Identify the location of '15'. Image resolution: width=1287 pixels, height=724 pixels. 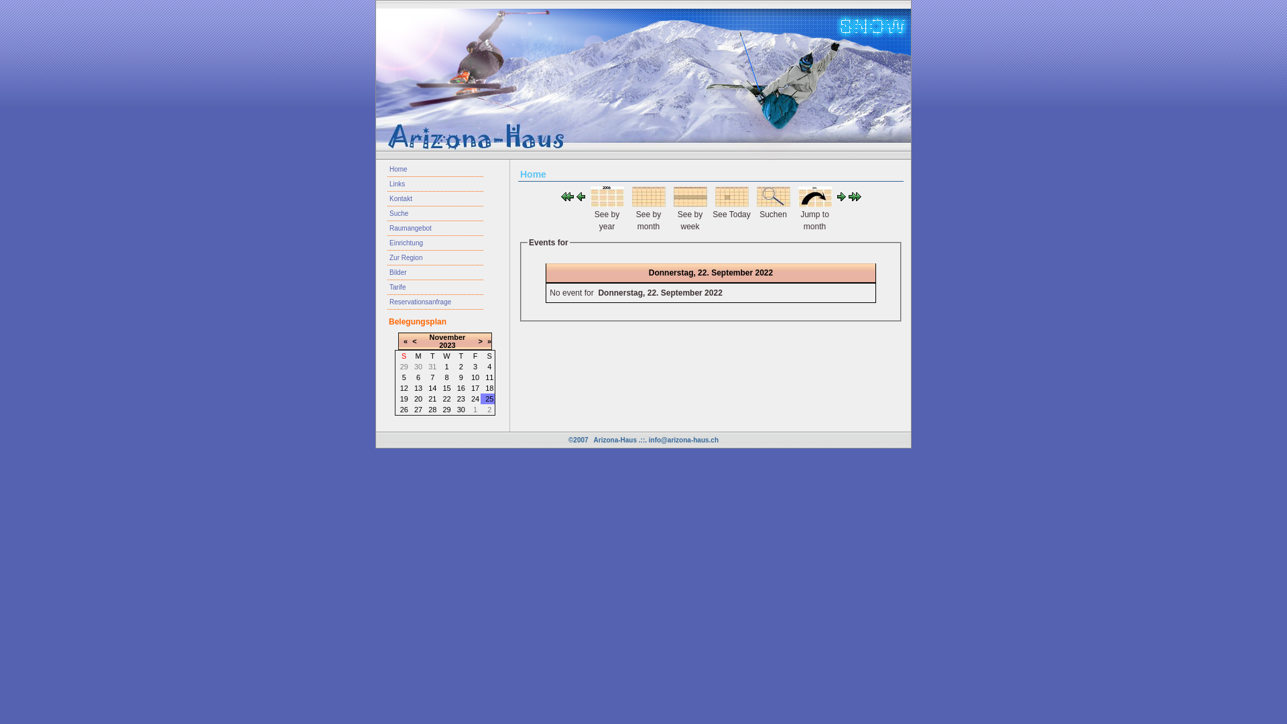
(446, 387).